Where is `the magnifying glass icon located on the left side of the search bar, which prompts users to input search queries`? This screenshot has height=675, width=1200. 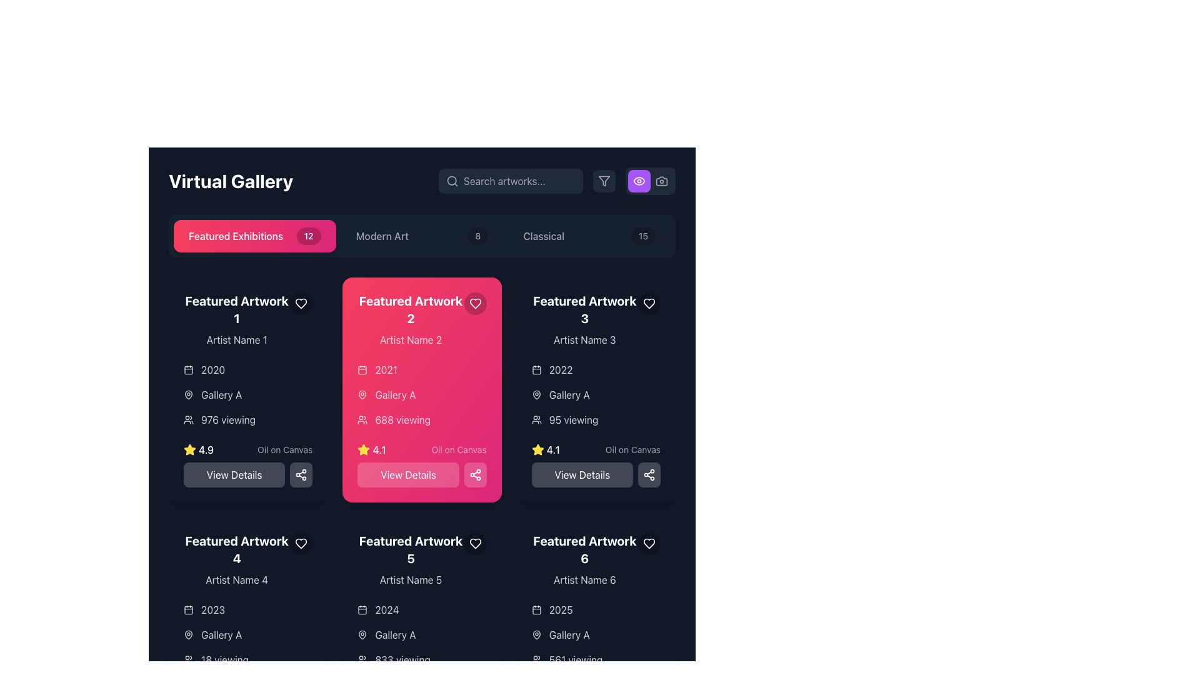
the magnifying glass icon located on the left side of the search bar, which prompts users to input search queries is located at coordinates (452, 181).